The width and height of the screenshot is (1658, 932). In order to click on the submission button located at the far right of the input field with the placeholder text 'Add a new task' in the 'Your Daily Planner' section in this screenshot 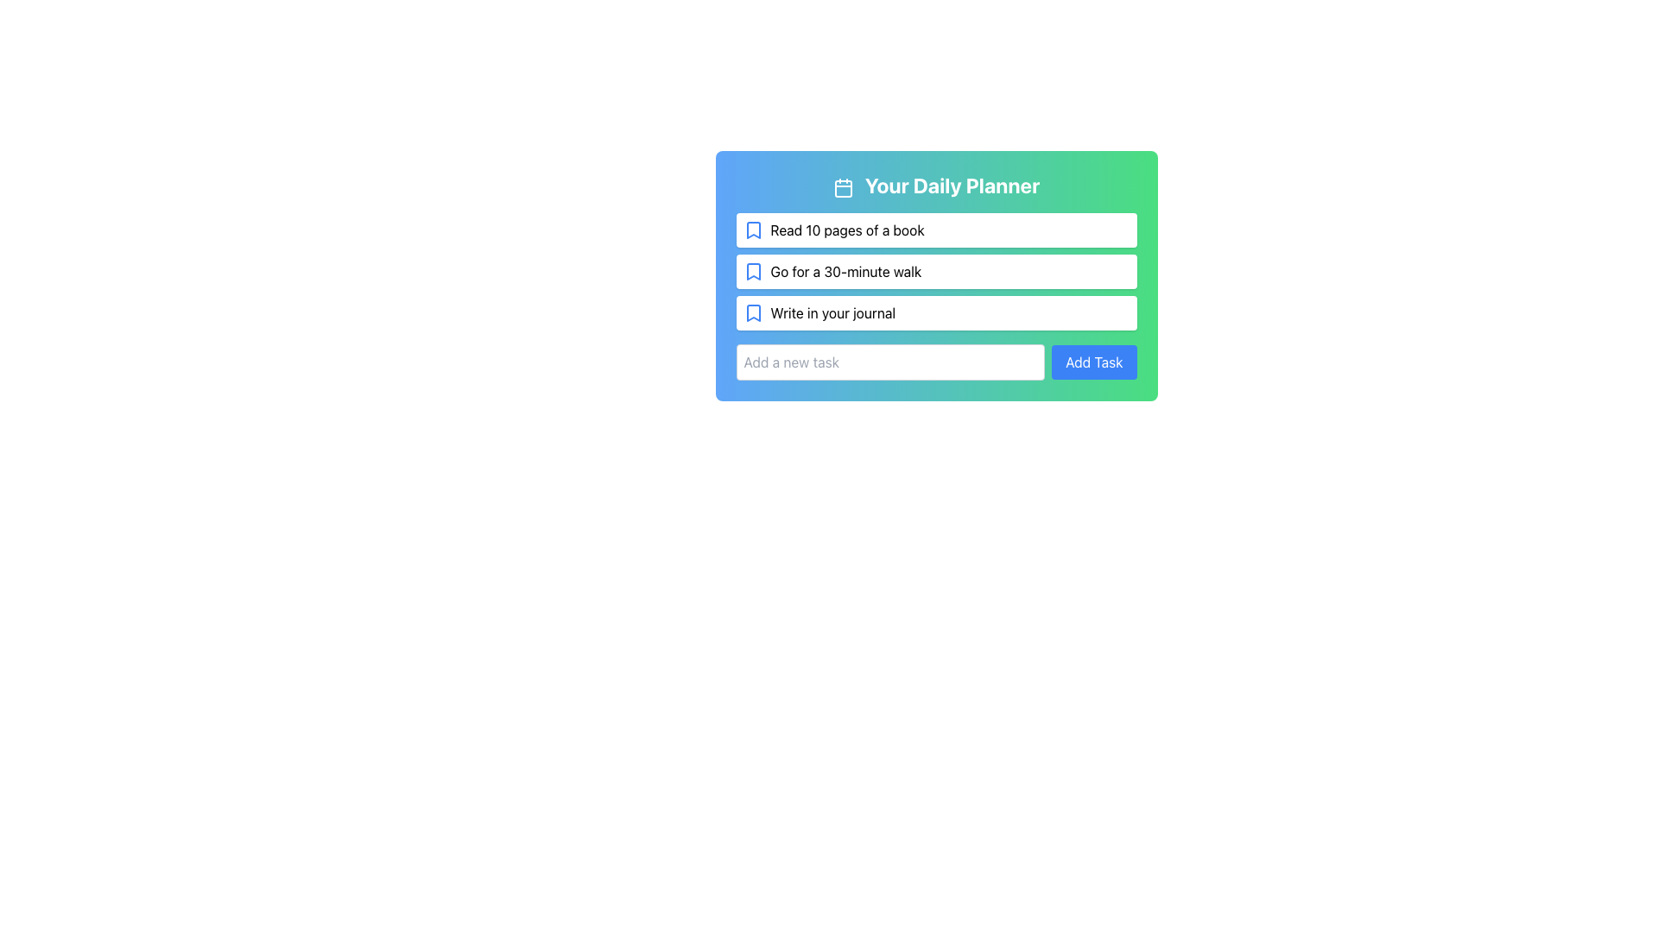, I will do `click(1093, 362)`.